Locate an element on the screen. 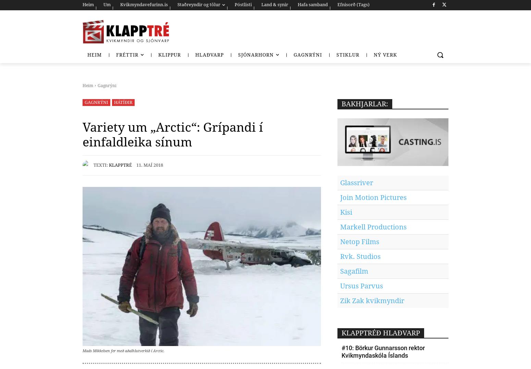 This screenshot has height=369, width=531. '#10: Börkur Gunnarsson rektor Kvikmyndaskóla Íslands' is located at coordinates (383, 351).